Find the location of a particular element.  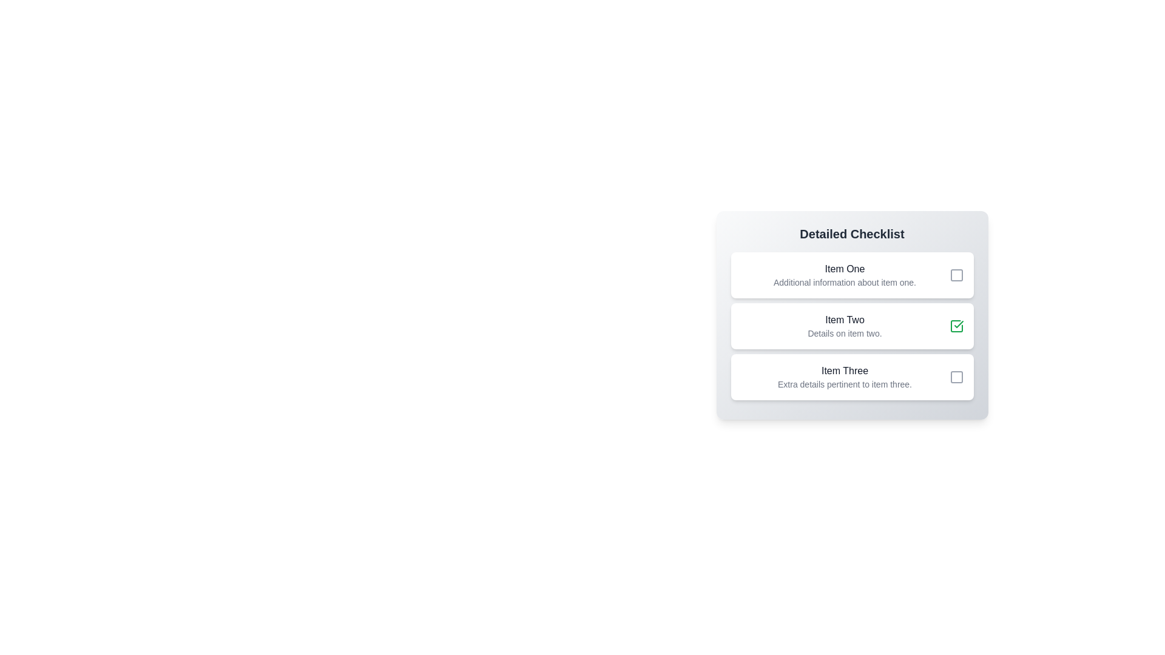

the center of the checkbox located to the right of the text 'Item One' in the checklist is located at coordinates (956, 275).